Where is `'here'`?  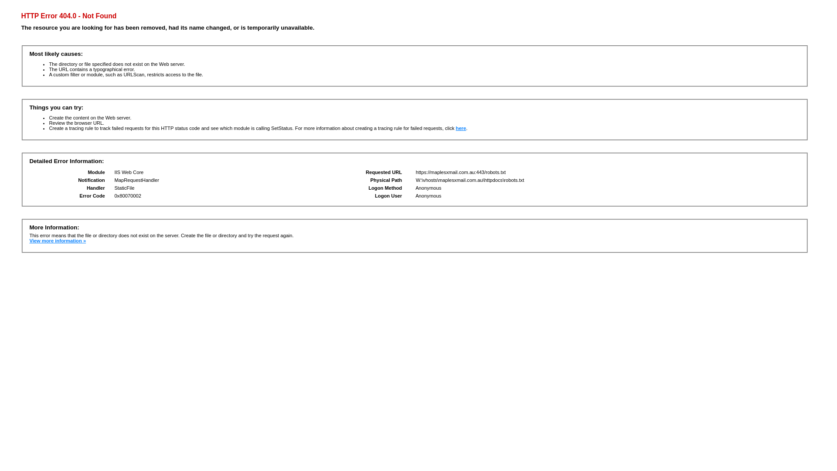 'here' is located at coordinates (460, 128).